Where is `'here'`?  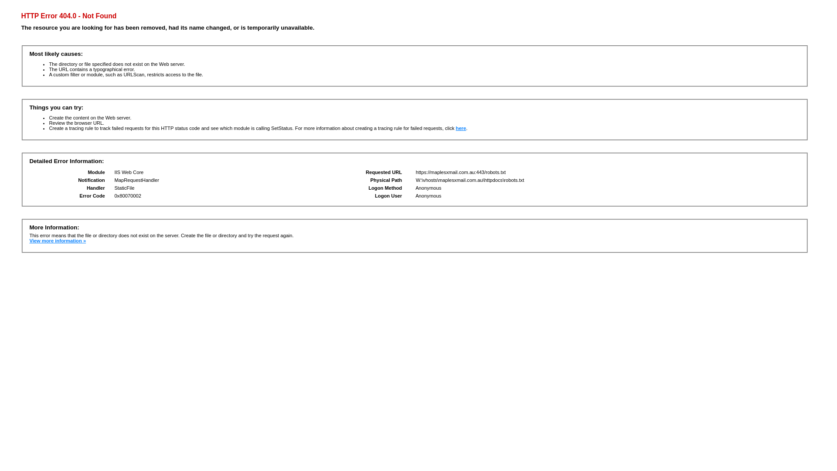 'here' is located at coordinates (460, 128).